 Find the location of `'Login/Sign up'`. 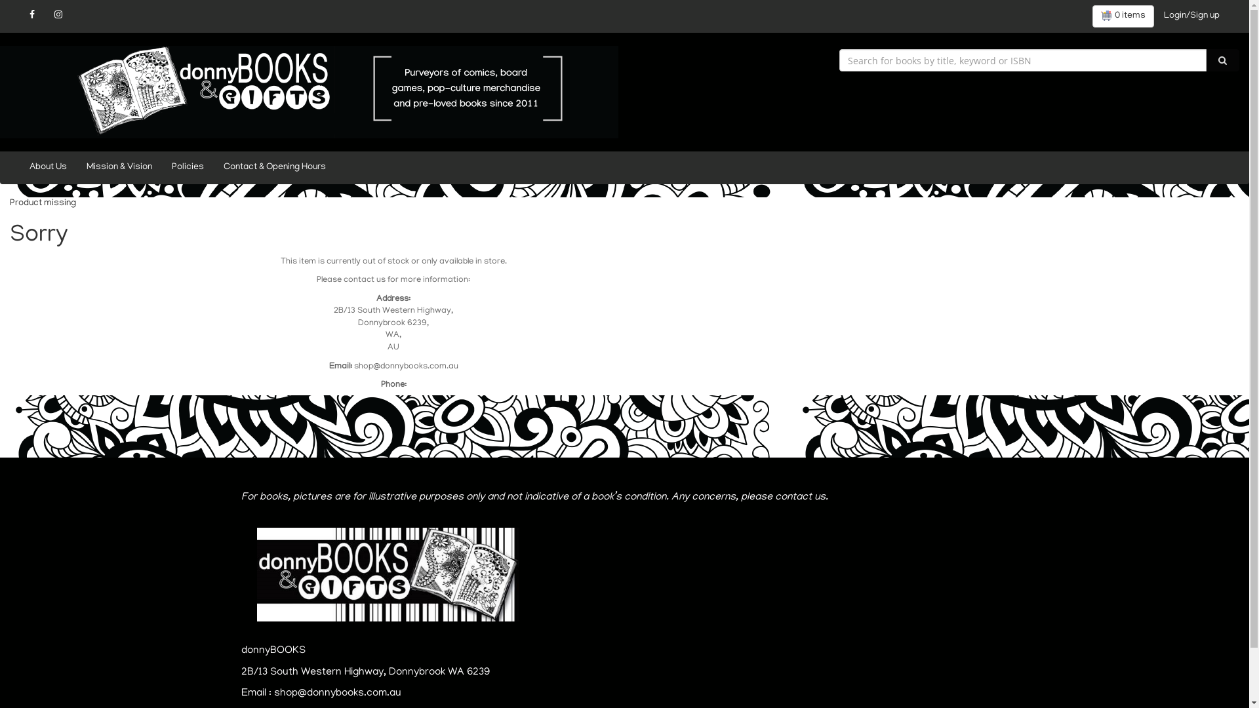

'Login/Sign up' is located at coordinates (1191, 16).